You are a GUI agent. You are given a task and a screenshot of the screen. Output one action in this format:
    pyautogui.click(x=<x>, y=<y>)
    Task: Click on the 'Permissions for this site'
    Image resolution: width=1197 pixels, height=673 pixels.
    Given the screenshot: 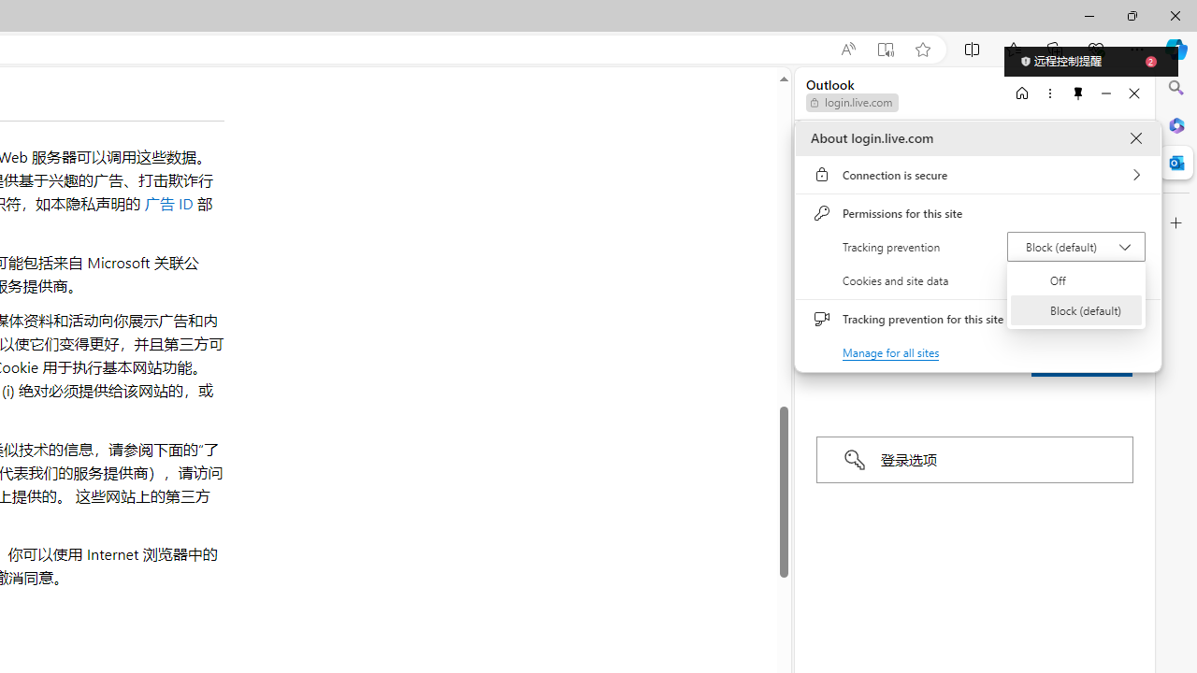 What is the action you would take?
    pyautogui.click(x=977, y=212)
    